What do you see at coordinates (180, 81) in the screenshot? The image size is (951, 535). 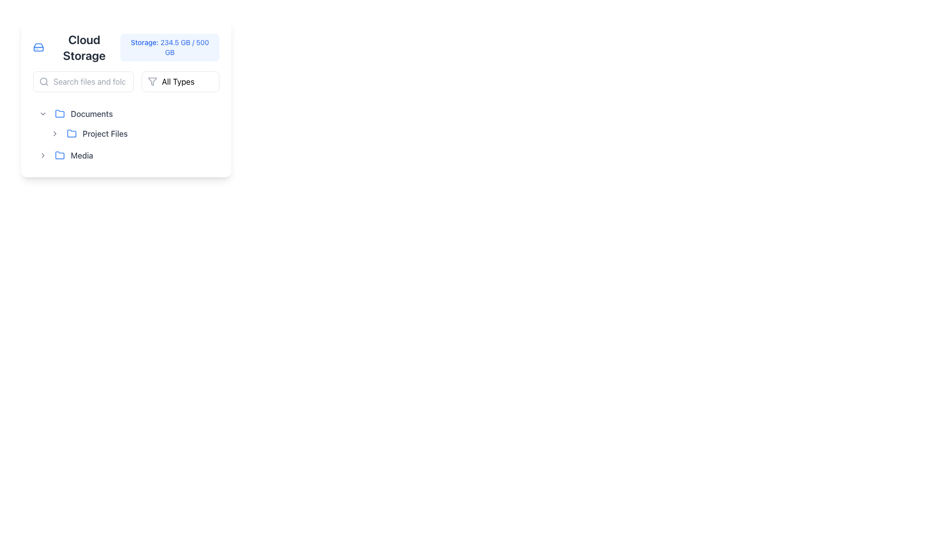 I see `the dropdown menu located in the upper-right section of the sidebar layout` at bounding box center [180, 81].